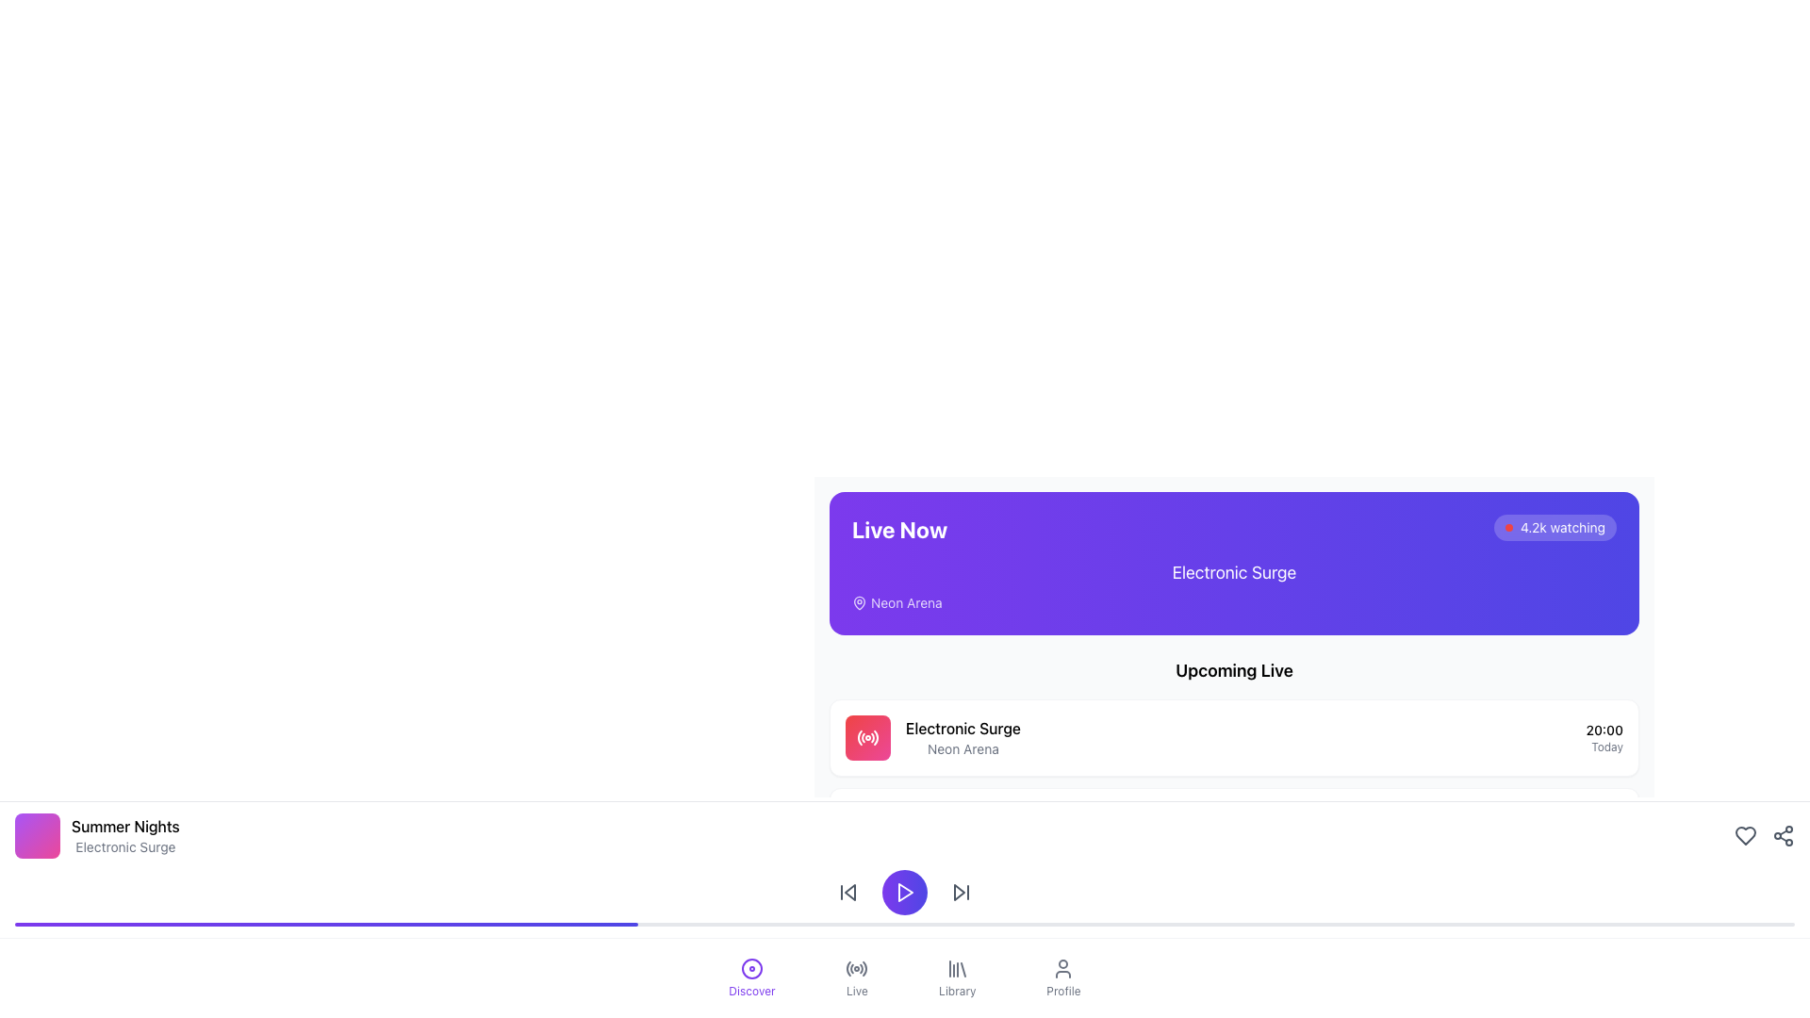 This screenshot has width=1810, height=1018. What do you see at coordinates (898, 530) in the screenshot?
I see `the 'Live Now' text label, which is prominently displayed in bold, large font at the top-left of a purple rectangular section` at bounding box center [898, 530].